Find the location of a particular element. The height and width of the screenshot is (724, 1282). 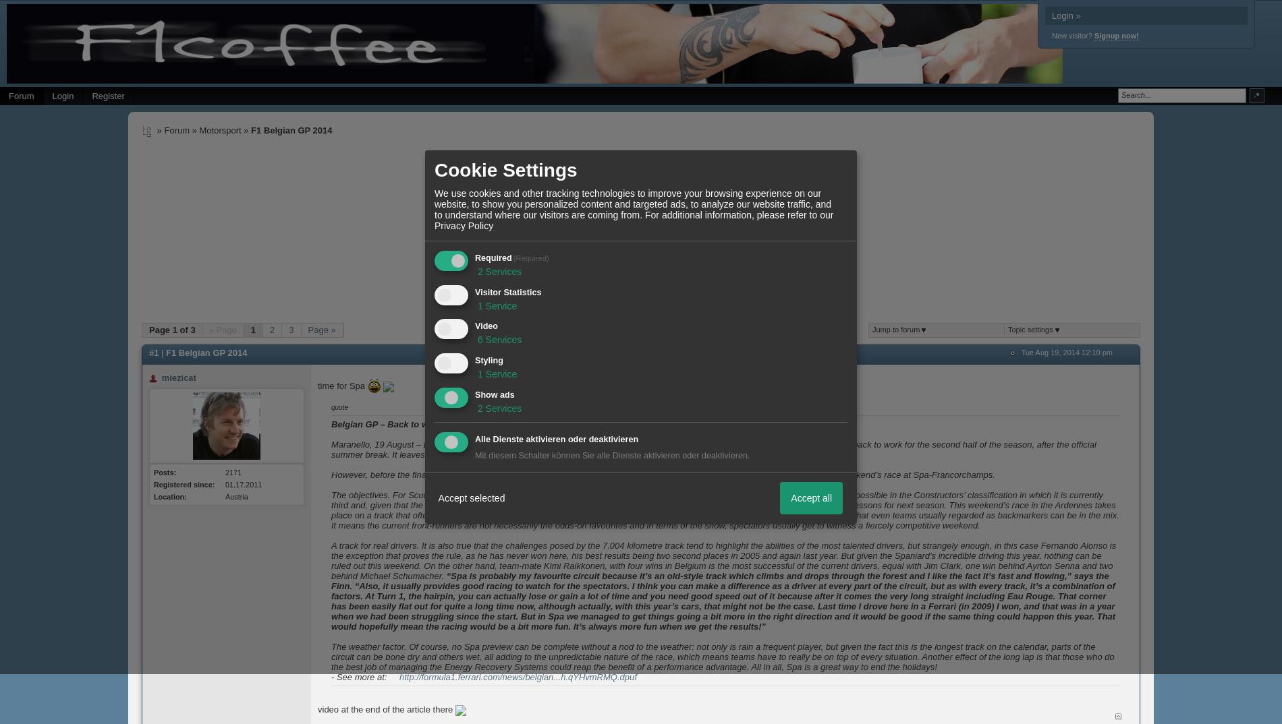

'Motorsport' is located at coordinates (219, 130).